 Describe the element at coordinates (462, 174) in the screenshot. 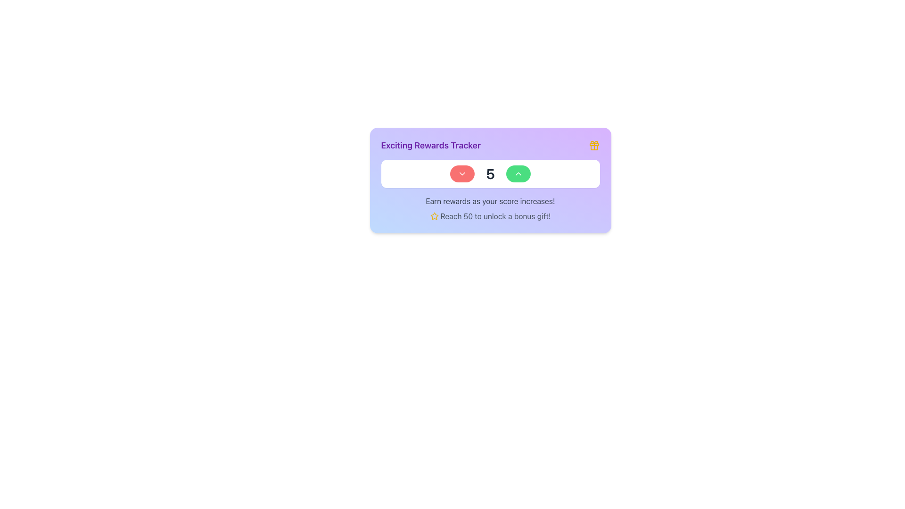

I see `the small down-chevron icon within the red circular button to decrease a value` at that location.